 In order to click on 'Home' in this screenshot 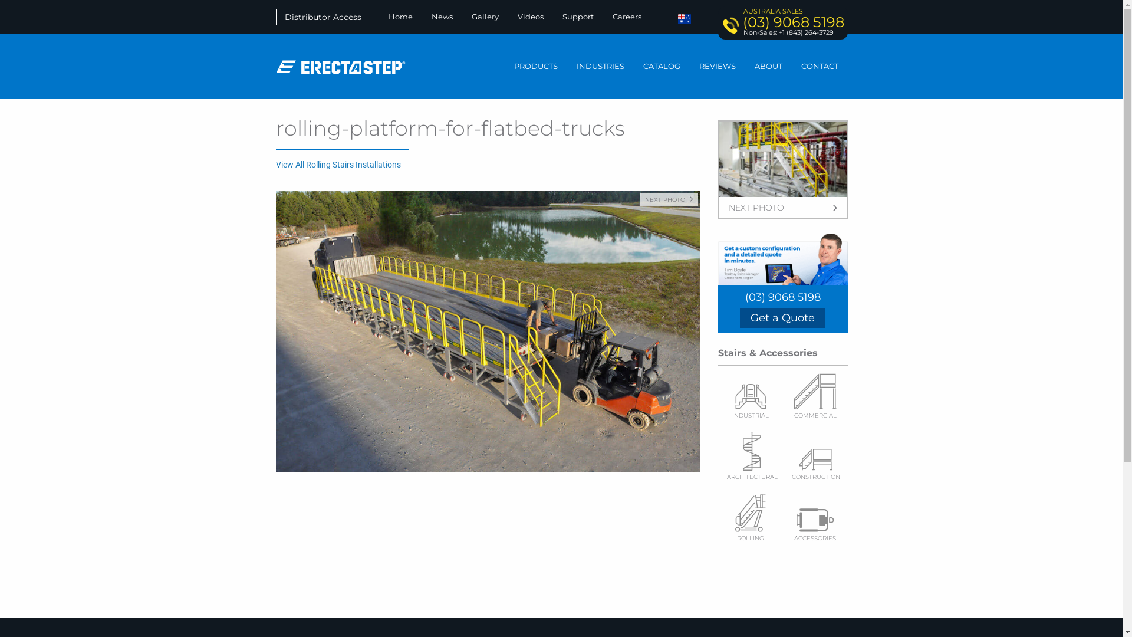, I will do `click(400, 17)`.